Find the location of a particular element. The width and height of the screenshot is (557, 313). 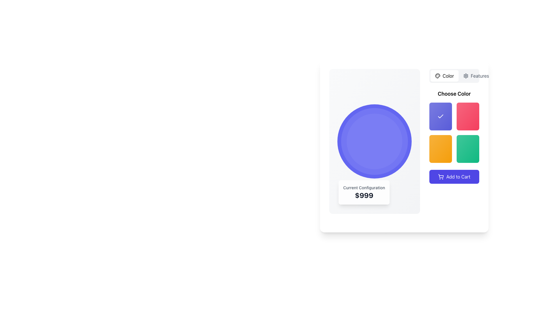

the green gradient button with rounded corners located in the bottom-right corner of the 2x2 grid is located at coordinates (468, 148).